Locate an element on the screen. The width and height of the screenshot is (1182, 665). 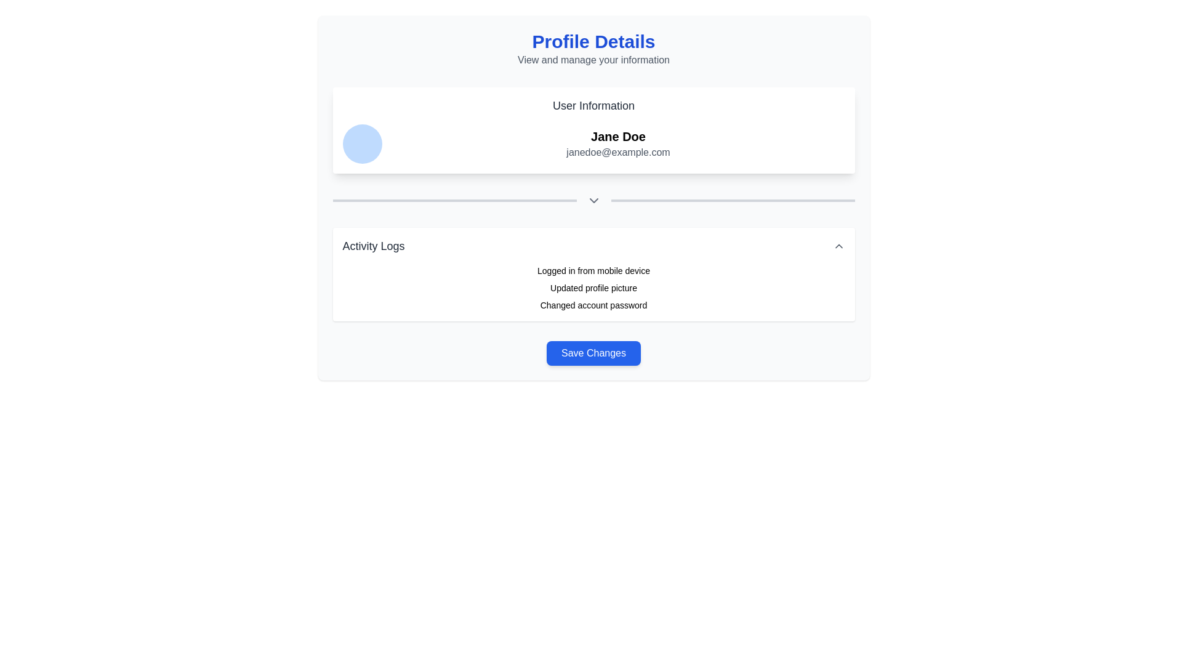
the user name header text block located at the top center of the user information section, which is above the email address 'janedoe@example.com' is located at coordinates (618, 137).